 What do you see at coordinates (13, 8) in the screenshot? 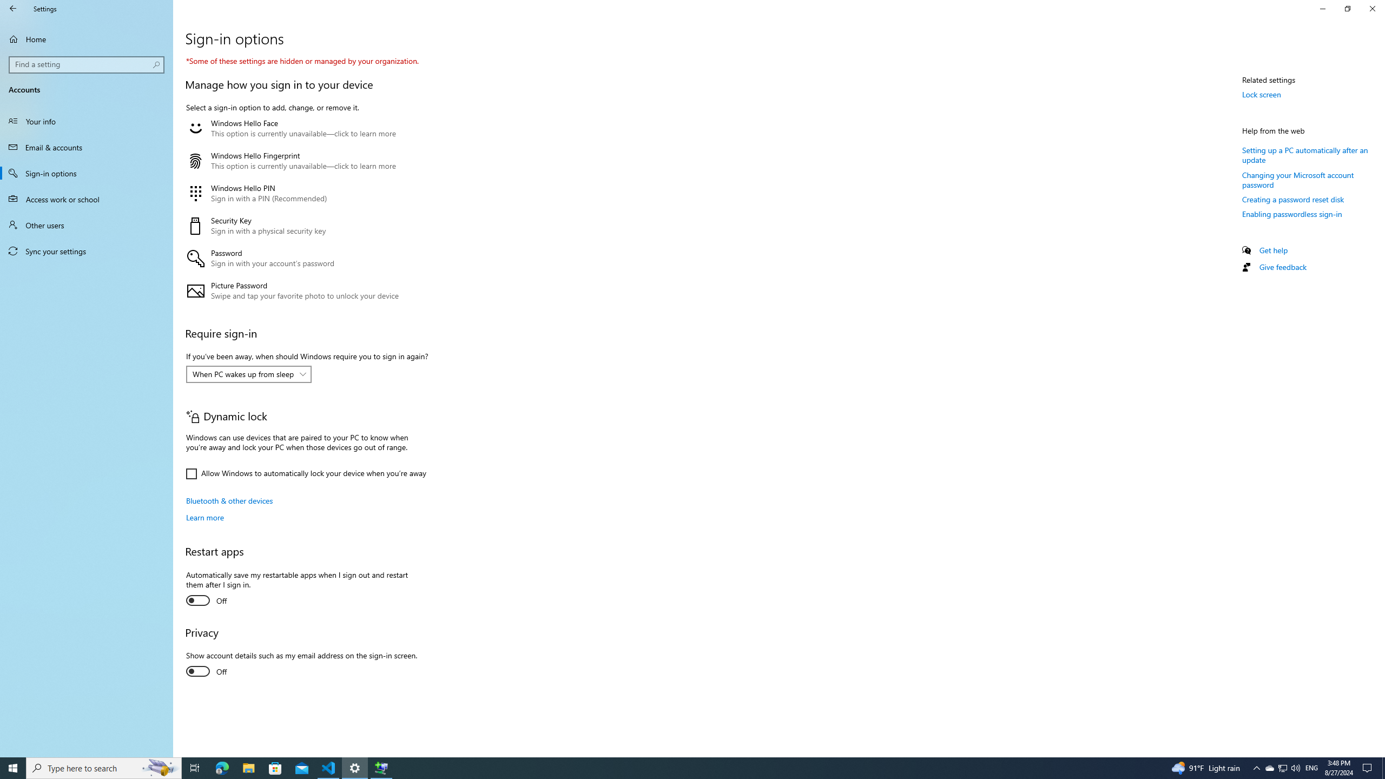
I see `'Back'` at bounding box center [13, 8].